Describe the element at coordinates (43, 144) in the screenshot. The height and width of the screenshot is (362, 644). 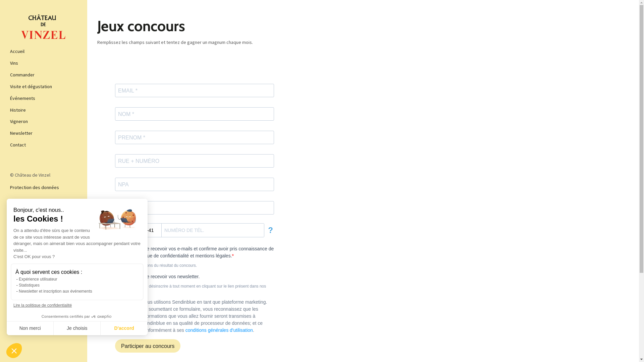
I see `'Contact'` at that location.